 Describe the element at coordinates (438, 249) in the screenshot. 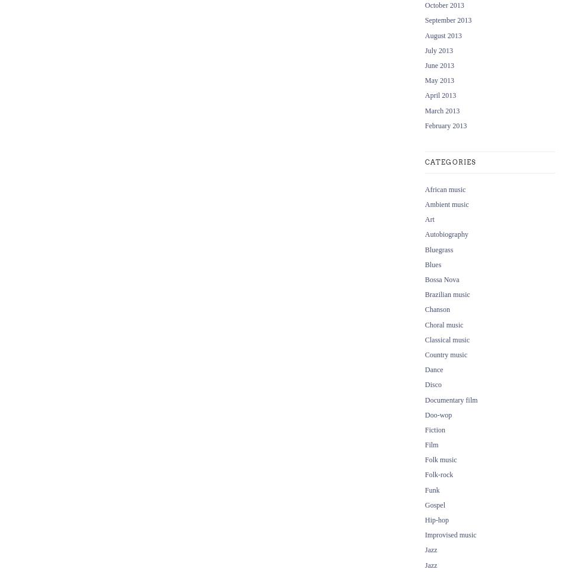

I see `'Bluegrass'` at that location.